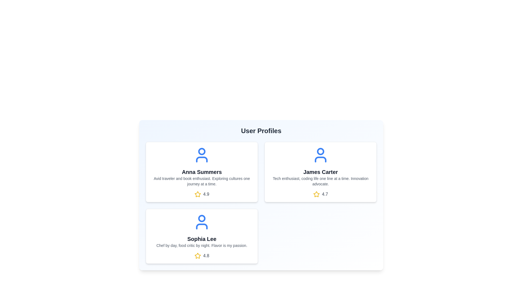 This screenshot has height=294, width=523. I want to click on the user card for Sophia Lee, so click(201, 236).